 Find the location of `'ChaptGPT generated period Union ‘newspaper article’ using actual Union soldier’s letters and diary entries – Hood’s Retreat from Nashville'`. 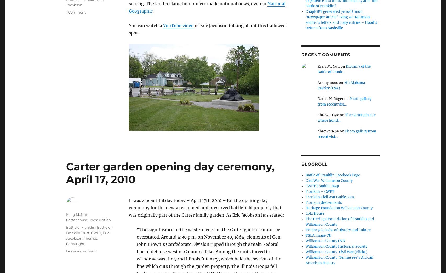

'ChaptGPT generated period Union ‘newspaper article’ using actual Union soldier’s letters and diary entries – Hood’s Retreat from Nashville' is located at coordinates (341, 20).